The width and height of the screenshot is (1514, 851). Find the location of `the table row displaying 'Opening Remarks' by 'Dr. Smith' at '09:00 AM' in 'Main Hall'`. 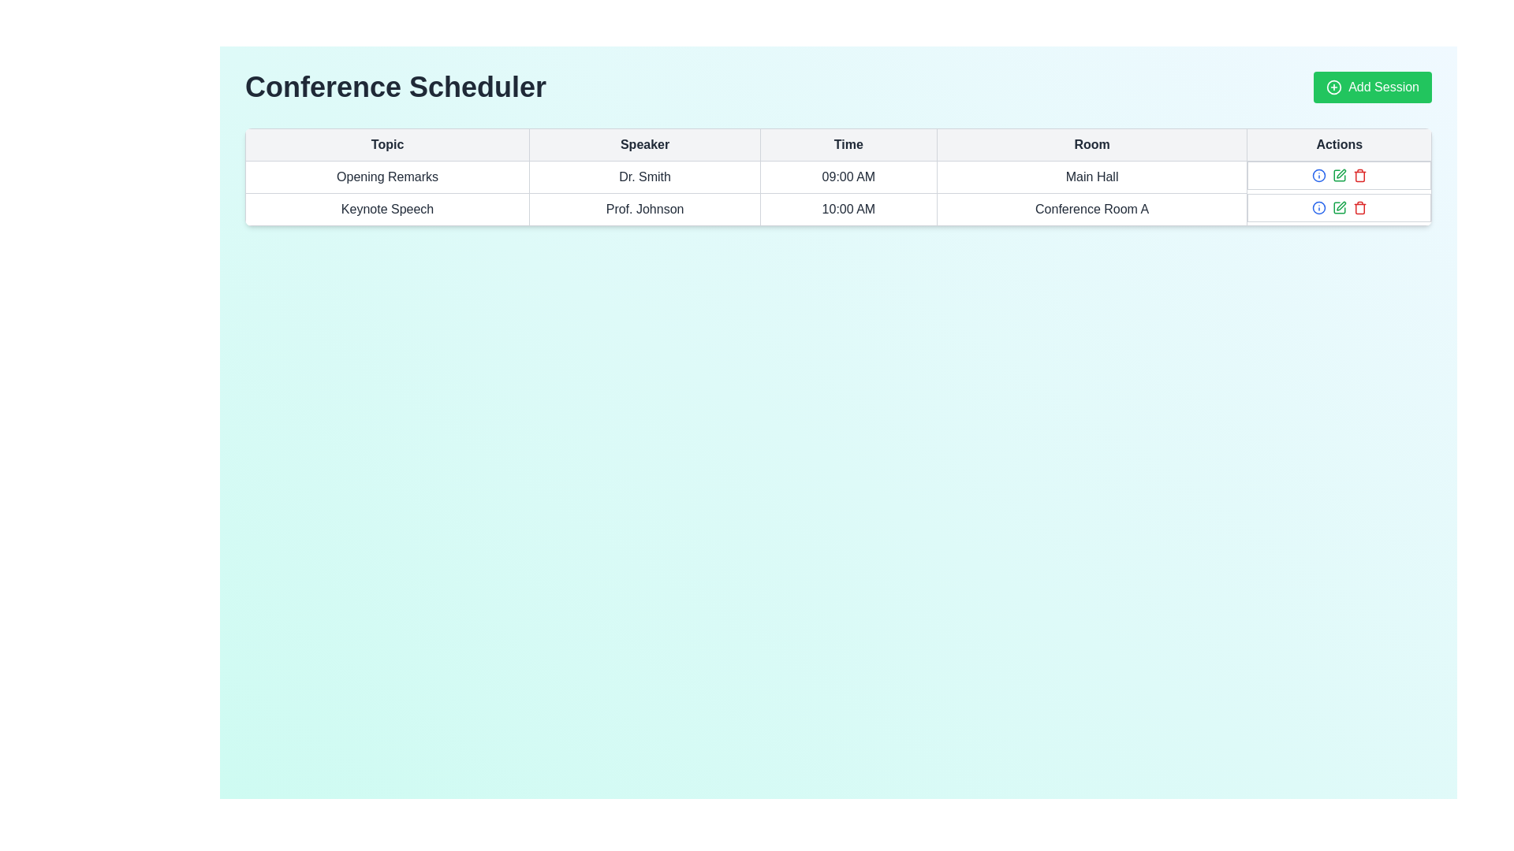

the table row displaying 'Opening Remarks' by 'Dr. Smith' at '09:00 AM' in 'Main Hall' is located at coordinates (837, 177).